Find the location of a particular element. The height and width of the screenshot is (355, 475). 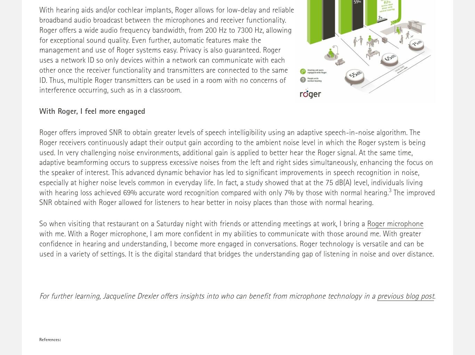

'References:' is located at coordinates (39, 340).